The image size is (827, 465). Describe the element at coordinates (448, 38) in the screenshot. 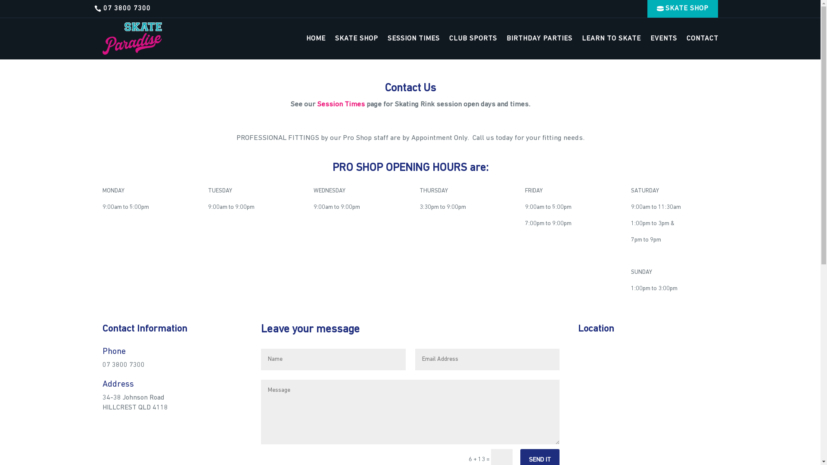

I see `'CLUB SPORTS'` at that location.